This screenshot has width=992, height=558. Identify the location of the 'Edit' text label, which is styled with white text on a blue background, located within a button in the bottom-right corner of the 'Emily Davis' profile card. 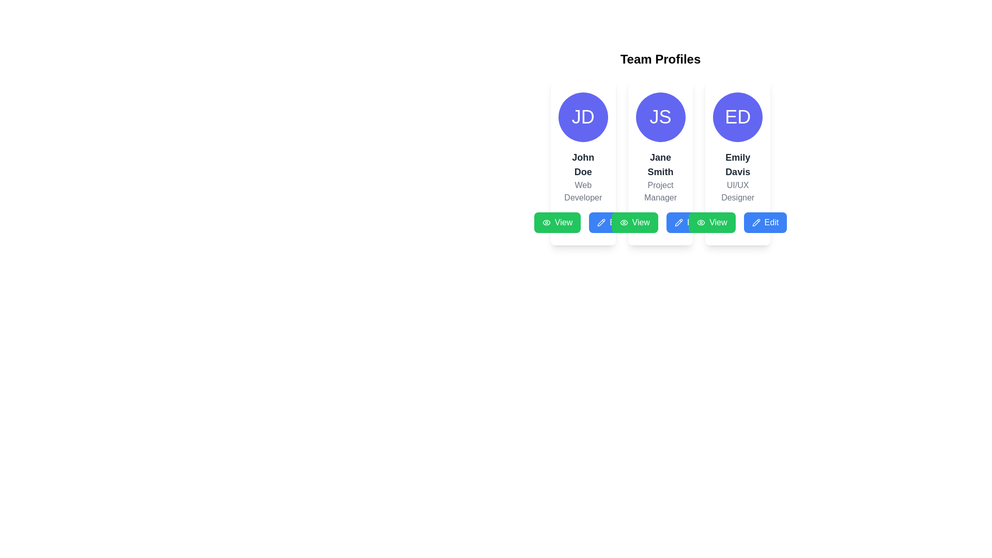
(694, 222).